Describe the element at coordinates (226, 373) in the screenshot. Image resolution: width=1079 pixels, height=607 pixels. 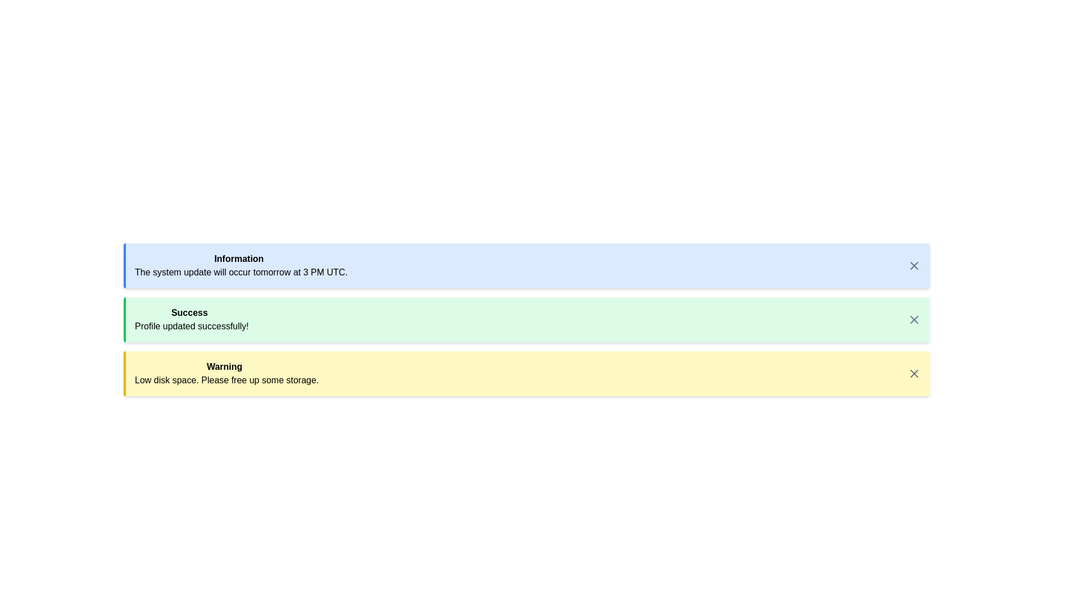
I see `warning notification about low disk space located at the bottom of the notification banners, under the 'Success' notification` at that location.